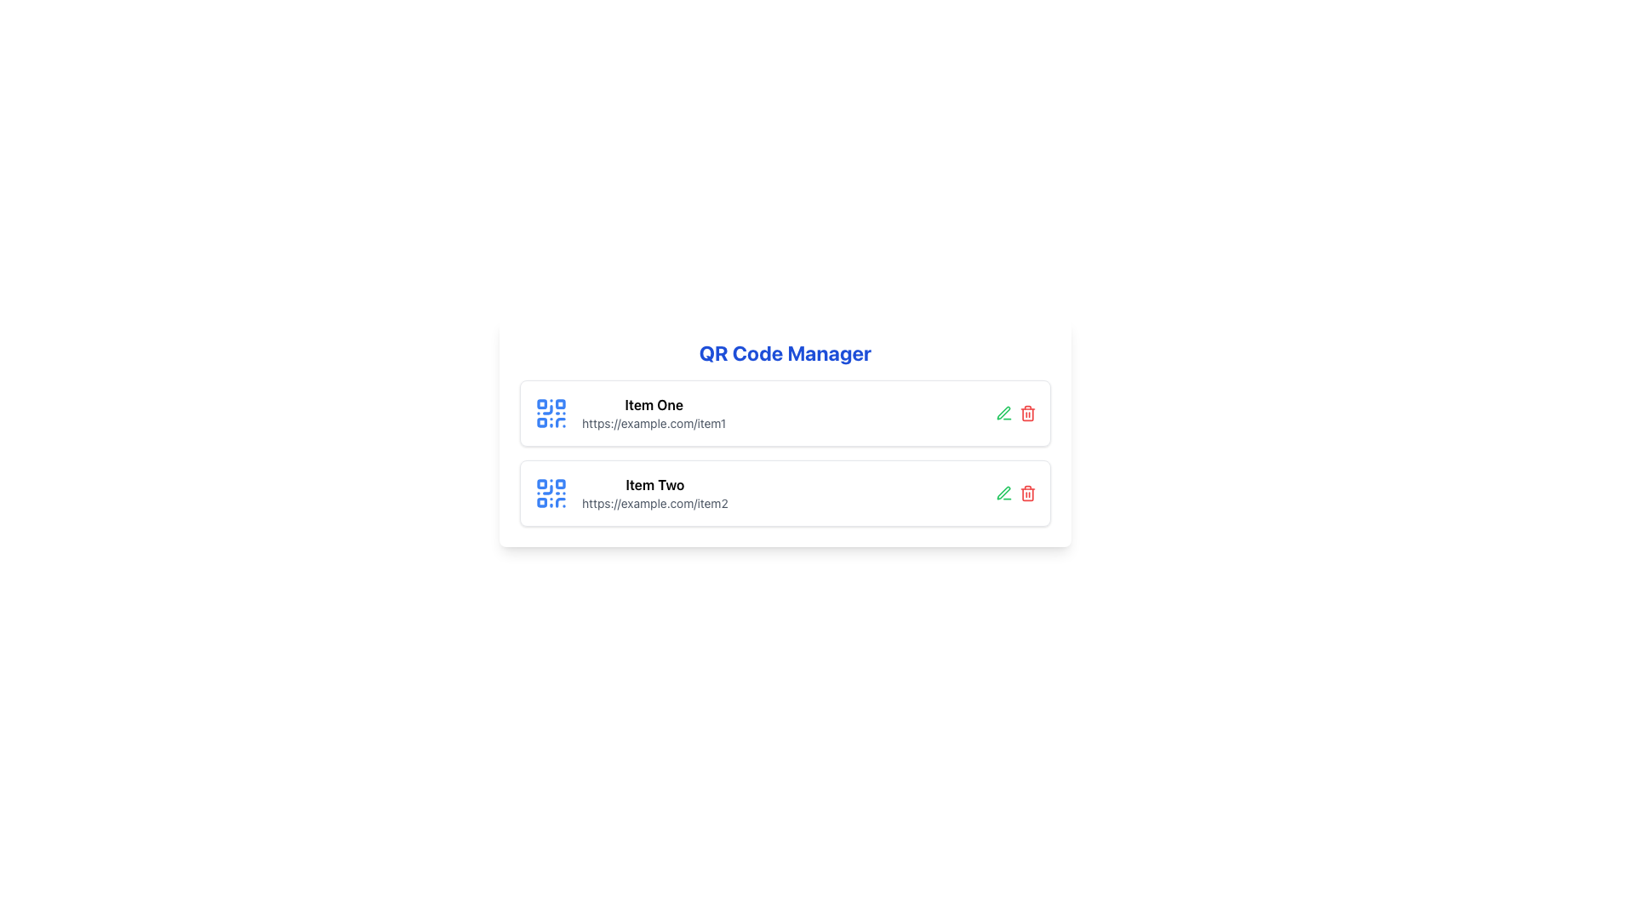 The image size is (1634, 919). Describe the element at coordinates (784, 493) in the screenshot. I see `the Card representing 'Item Two' in the QR Code Manager` at that location.